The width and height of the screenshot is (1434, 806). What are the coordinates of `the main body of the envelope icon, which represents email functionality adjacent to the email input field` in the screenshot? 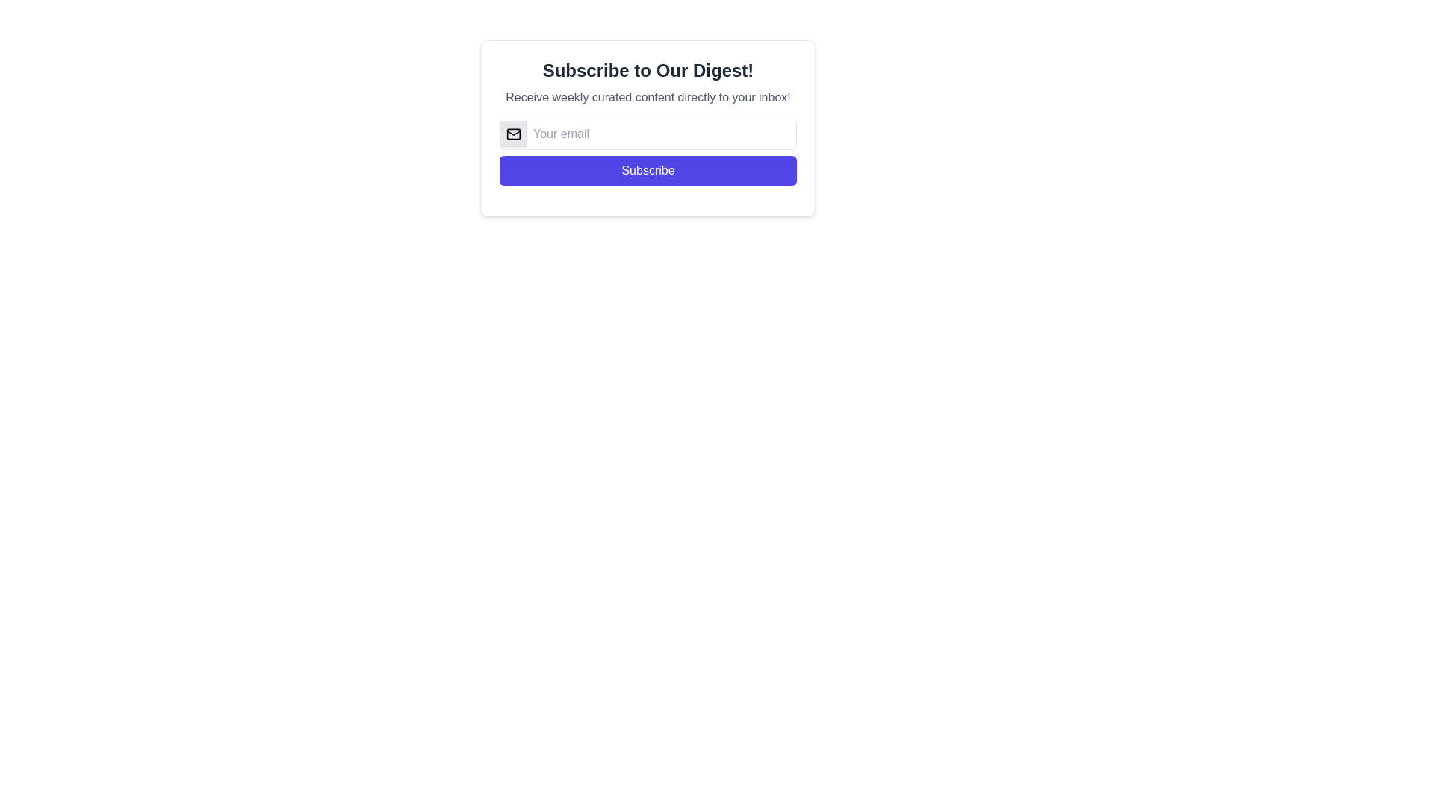 It's located at (513, 134).